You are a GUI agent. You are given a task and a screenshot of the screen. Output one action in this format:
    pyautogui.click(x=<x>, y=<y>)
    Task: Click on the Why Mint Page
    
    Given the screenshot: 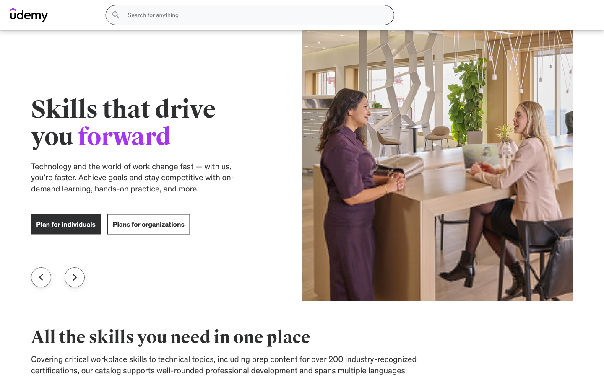 What is the action you would take?
    pyautogui.click(x=419, y=37)
    